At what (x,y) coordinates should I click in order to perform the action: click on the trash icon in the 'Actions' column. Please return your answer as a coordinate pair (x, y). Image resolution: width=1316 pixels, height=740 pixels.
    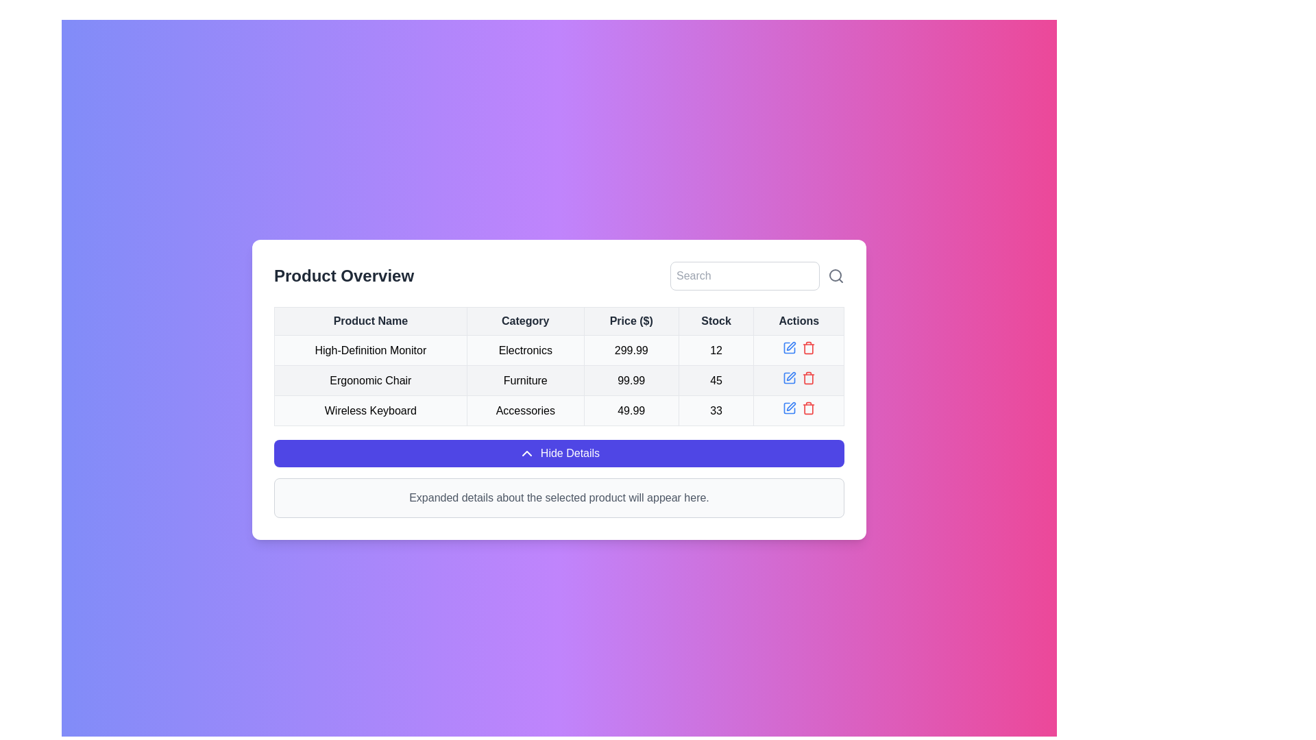
    Looking at the image, I should click on (808, 379).